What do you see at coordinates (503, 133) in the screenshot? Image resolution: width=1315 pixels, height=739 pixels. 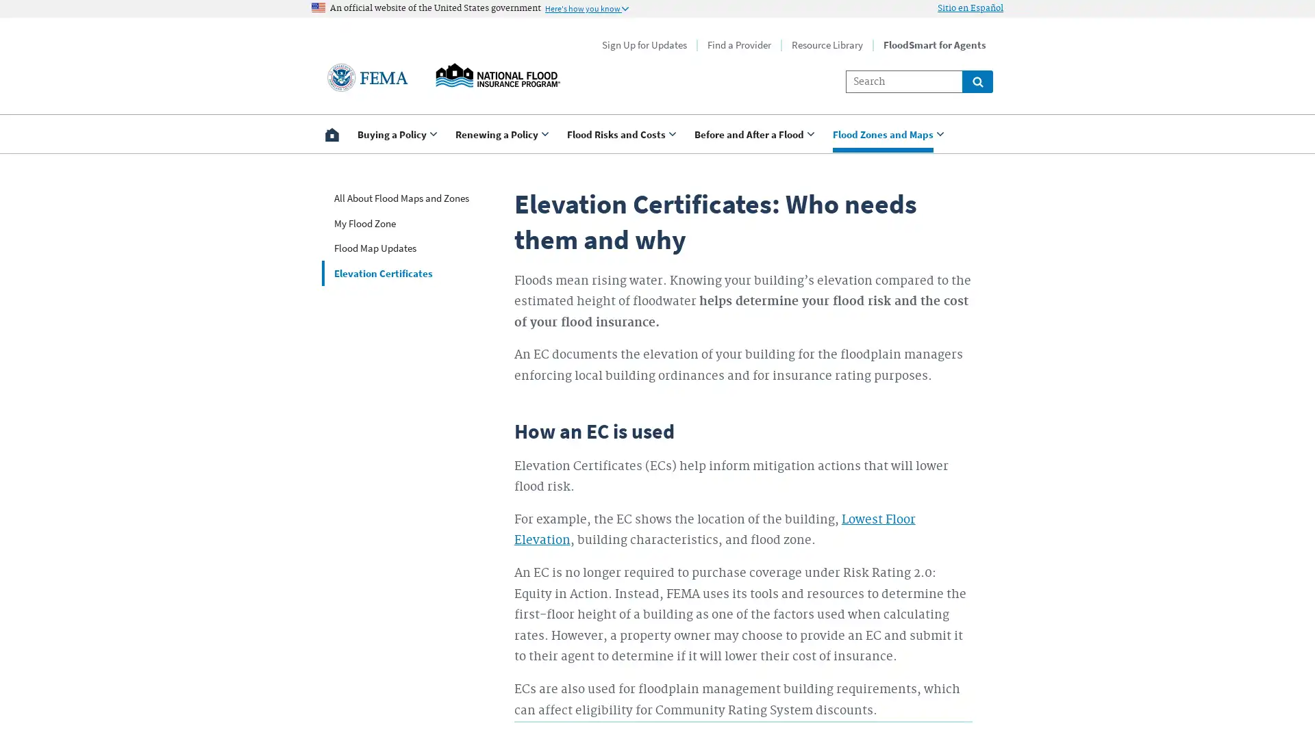 I see `Use <enter> and shift + <enter> to open and close the drop down to sub-menus` at bounding box center [503, 133].